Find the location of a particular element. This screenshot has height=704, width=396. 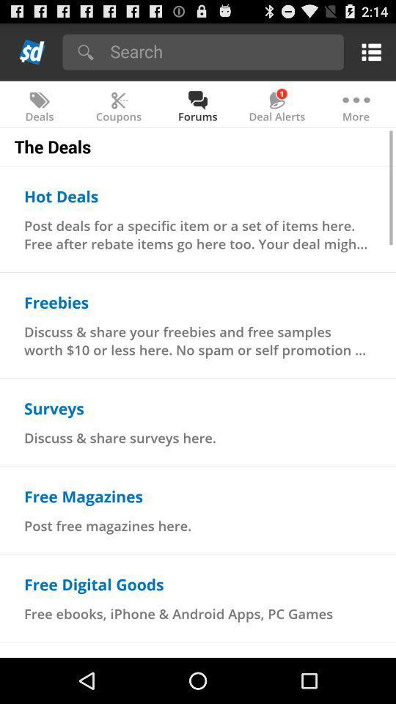

show menu is located at coordinates (368, 51).